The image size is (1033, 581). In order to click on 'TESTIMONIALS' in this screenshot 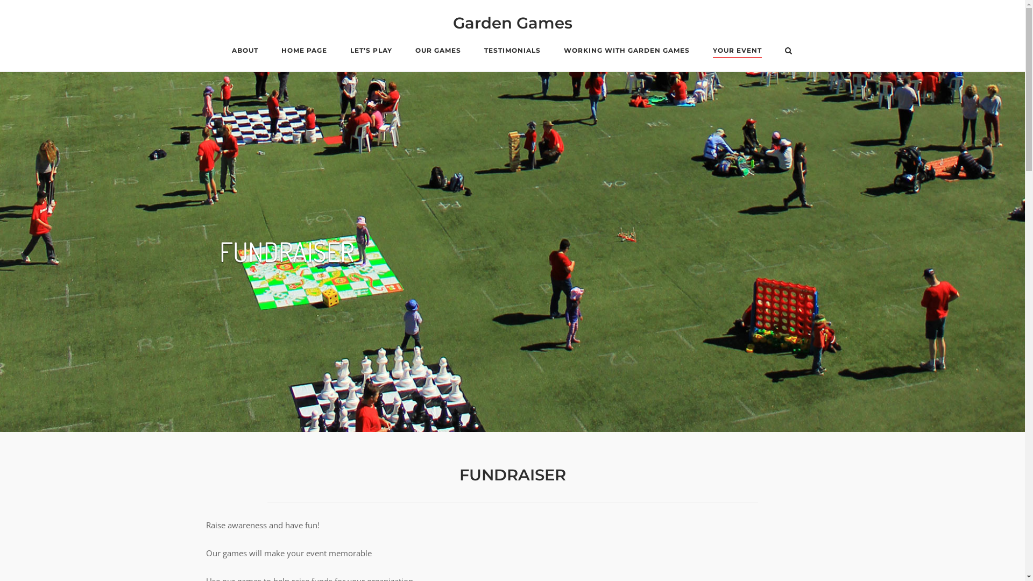, I will do `click(512, 52)`.